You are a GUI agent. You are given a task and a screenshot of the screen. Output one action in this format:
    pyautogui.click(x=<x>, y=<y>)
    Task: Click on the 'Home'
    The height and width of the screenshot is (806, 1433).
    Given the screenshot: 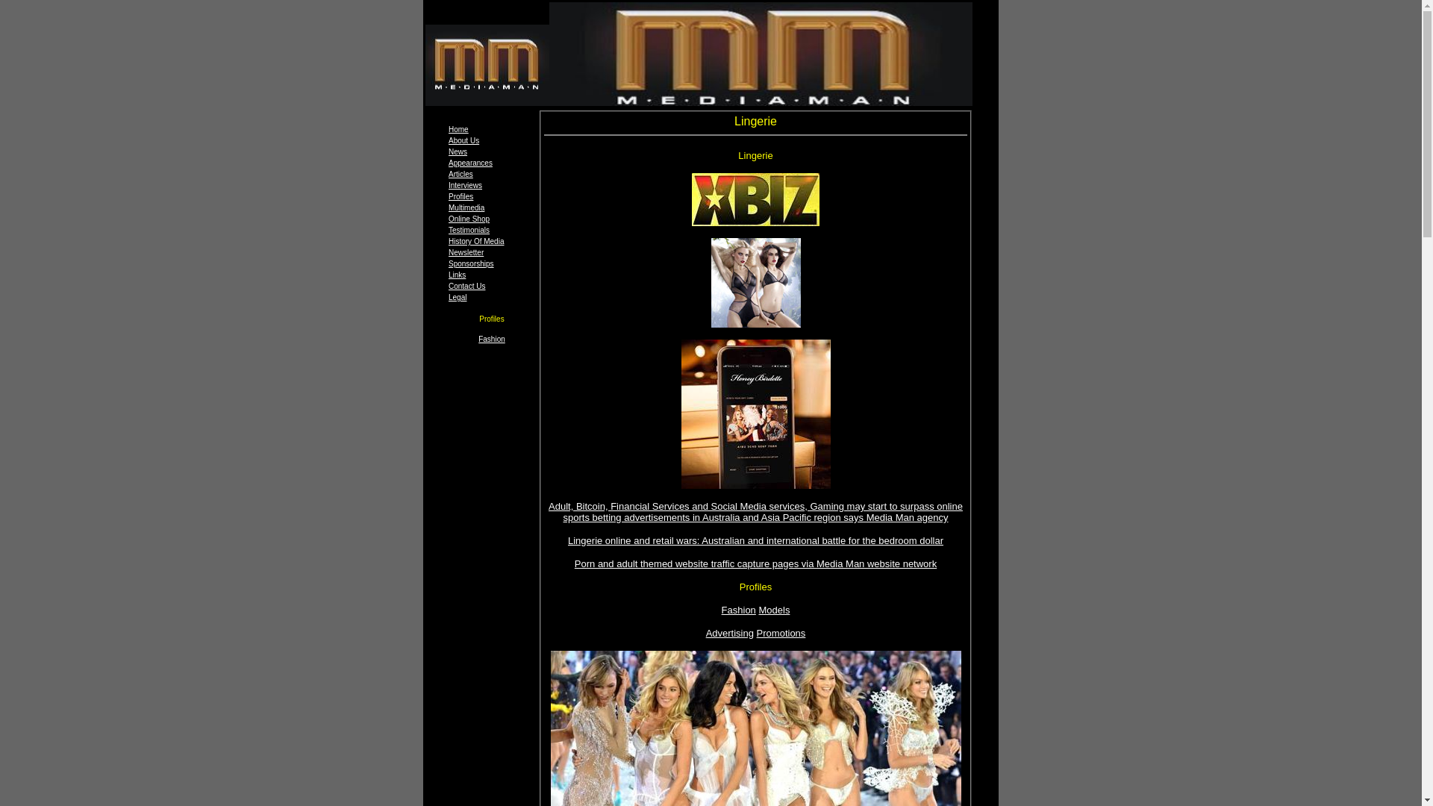 What is the action you would take?
    pyautogui.click(x=458, y=128)
    